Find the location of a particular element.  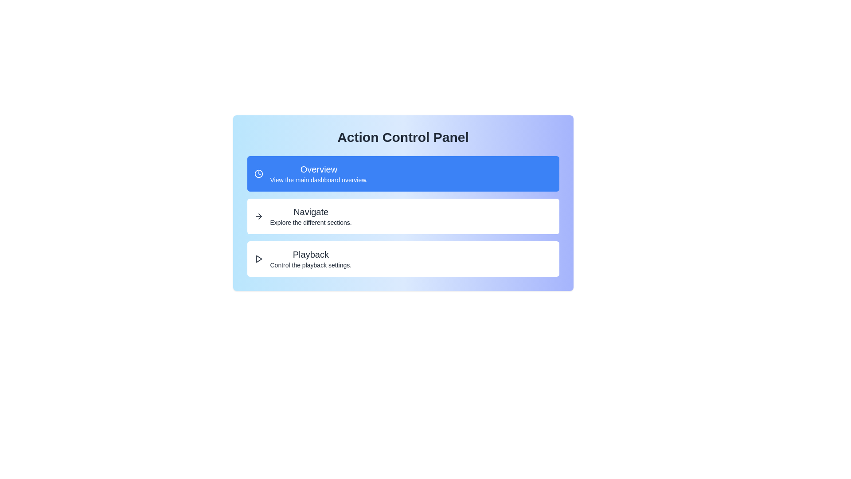

the text element that contains the content 'Explore the different sections.' which is styled with a smaller font size and is positioned directly below the 'Navigate' text is located at coordinates (311, 222).